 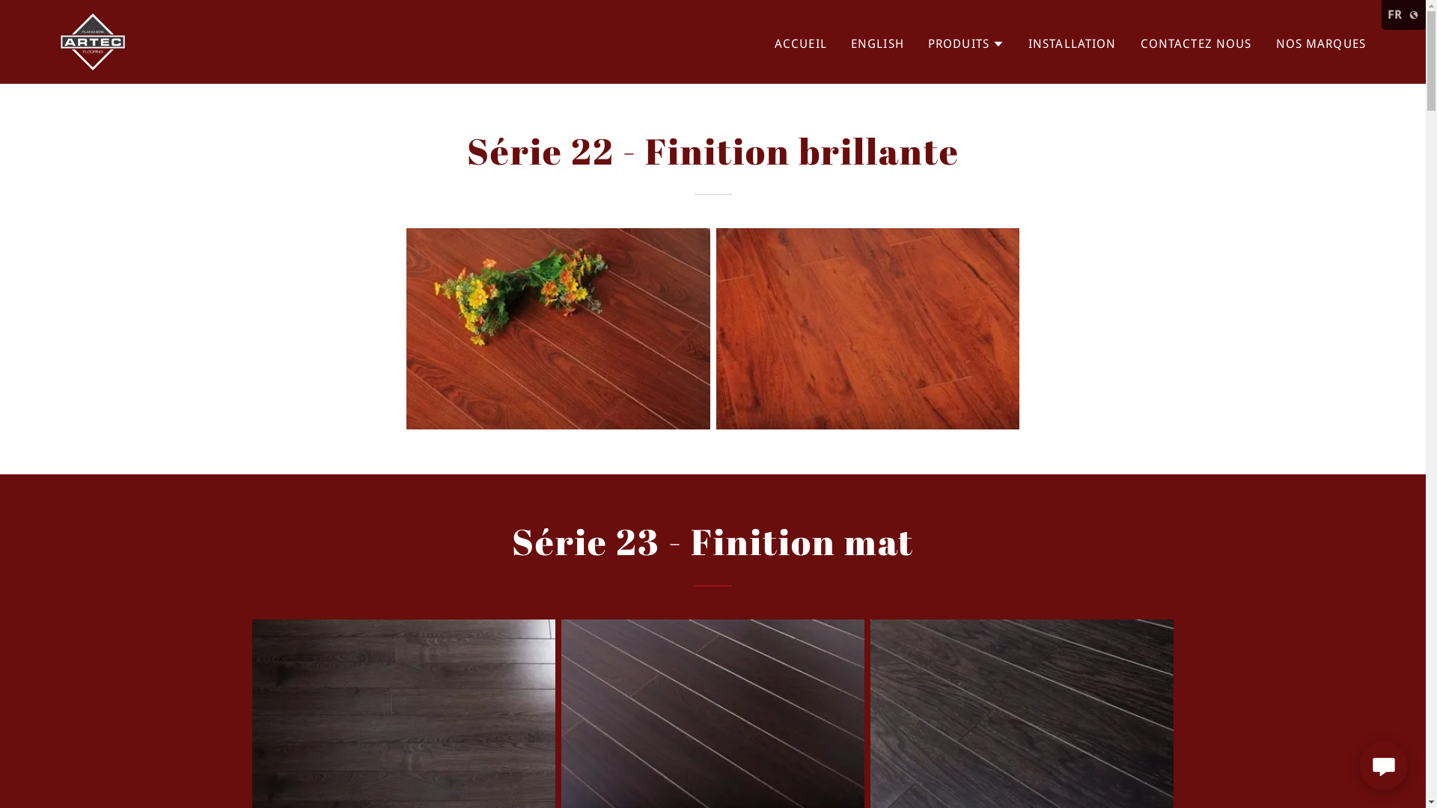 I want to click on 'ACCUEIL', so click(x=800, y=42).